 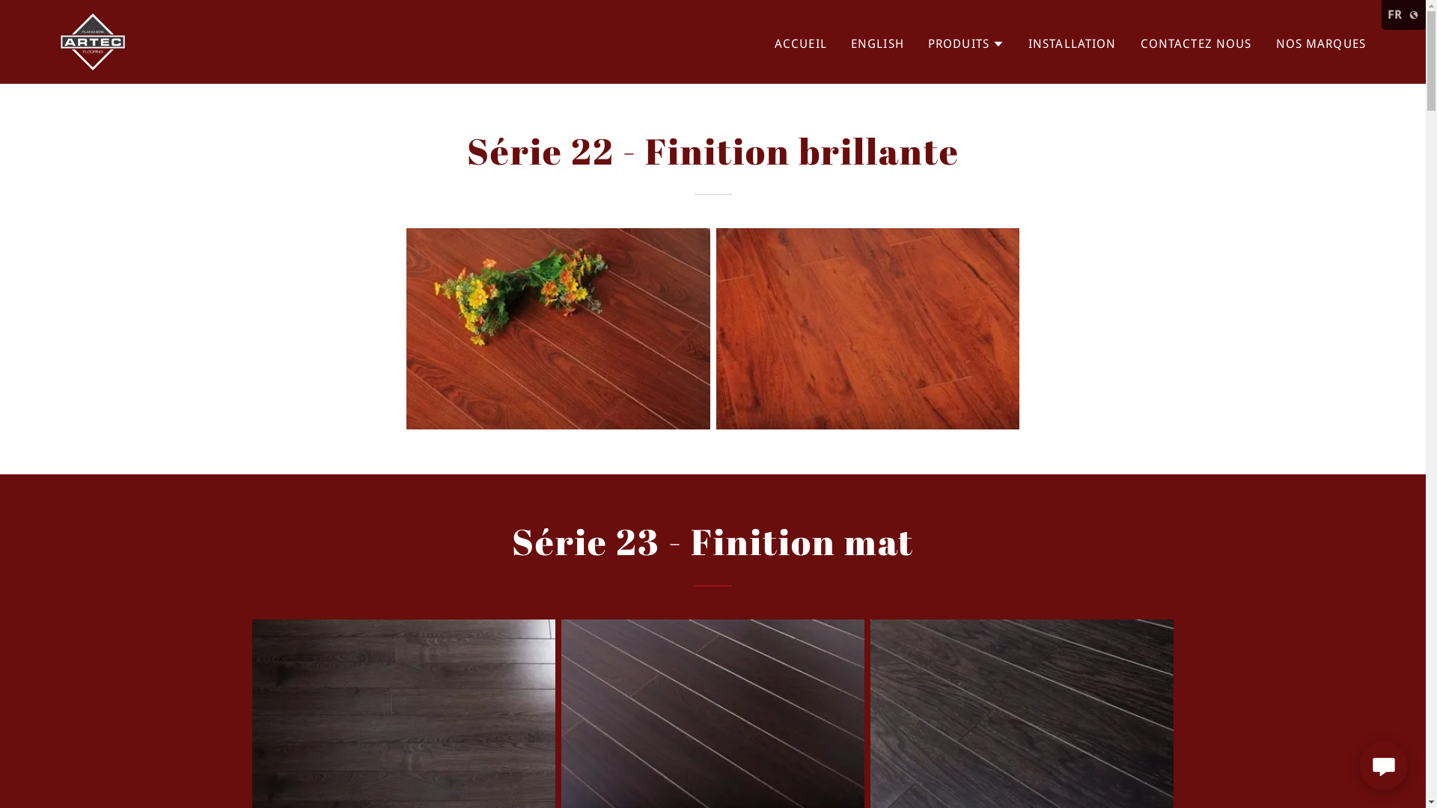 I want to click on 'ACCUEIL', so click(x=800, y=42).